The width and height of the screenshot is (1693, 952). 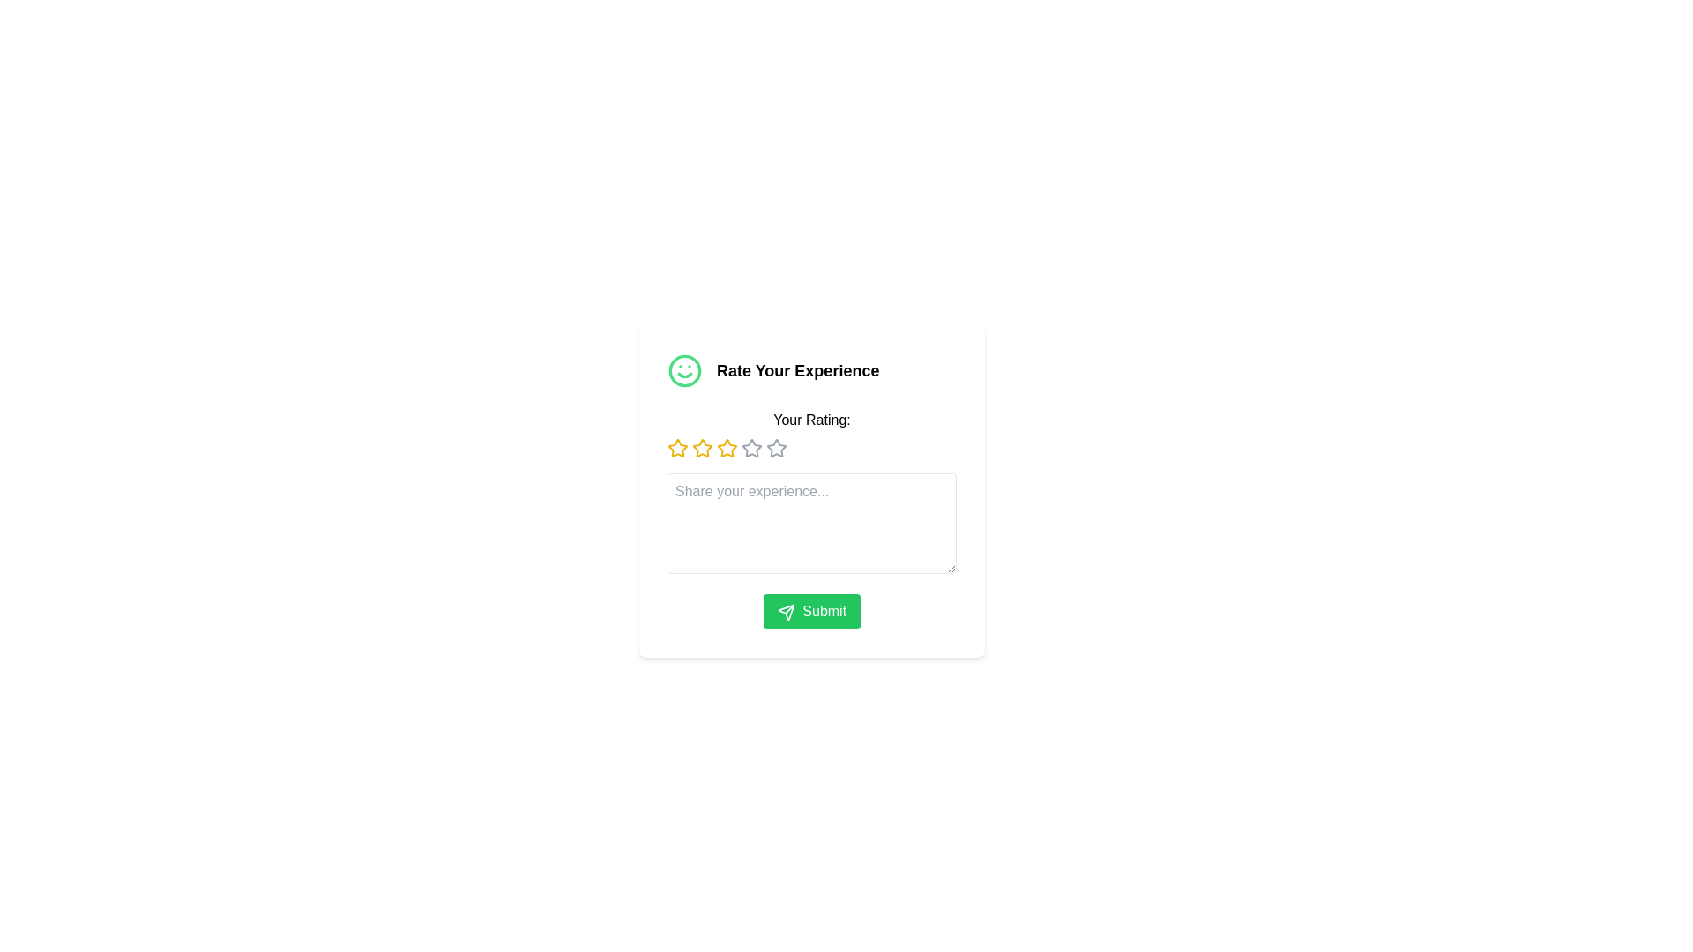 I want to click on the Text Label that provides context for the rating stars, located in the top-middle portion of the interactive rating panel, so click(x=811, y=420).